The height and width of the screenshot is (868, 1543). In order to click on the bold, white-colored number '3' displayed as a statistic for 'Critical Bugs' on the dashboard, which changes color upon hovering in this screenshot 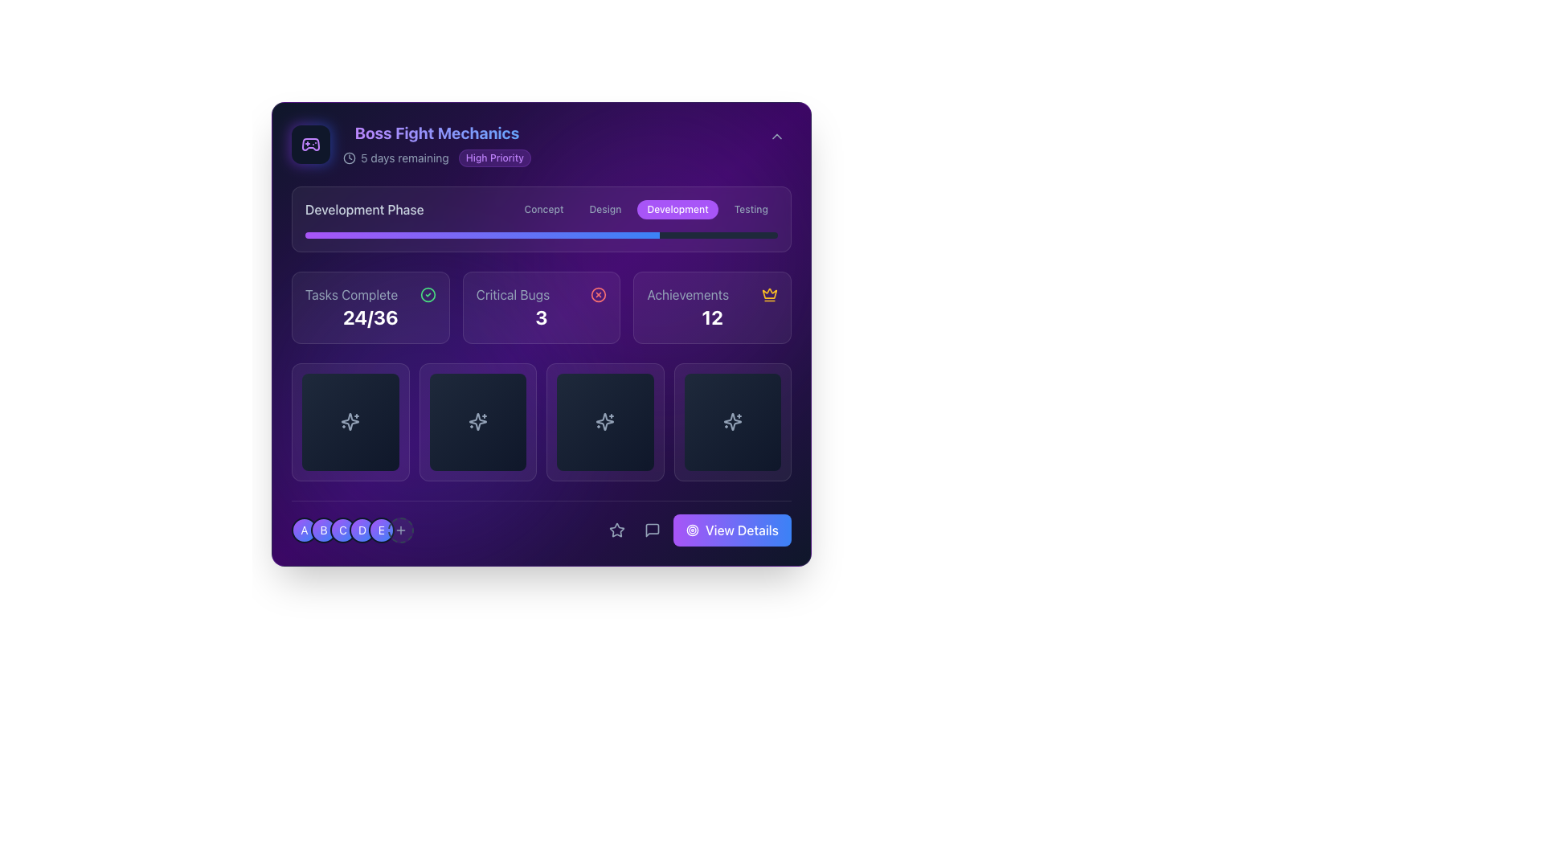, I will do `click(541, 317)`.